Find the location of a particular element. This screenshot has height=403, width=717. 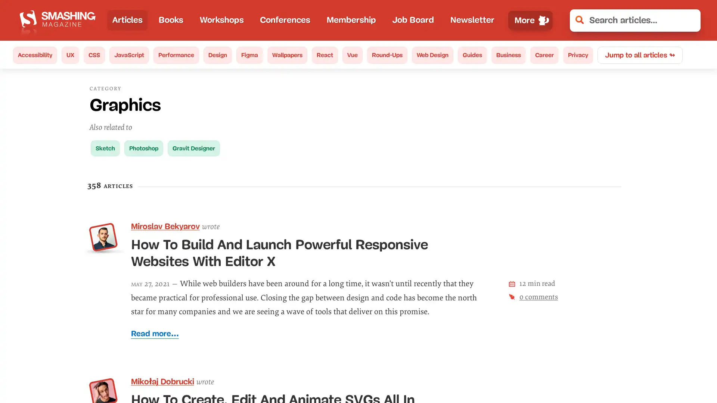

Its okay. is located at coordinates (660, 373).